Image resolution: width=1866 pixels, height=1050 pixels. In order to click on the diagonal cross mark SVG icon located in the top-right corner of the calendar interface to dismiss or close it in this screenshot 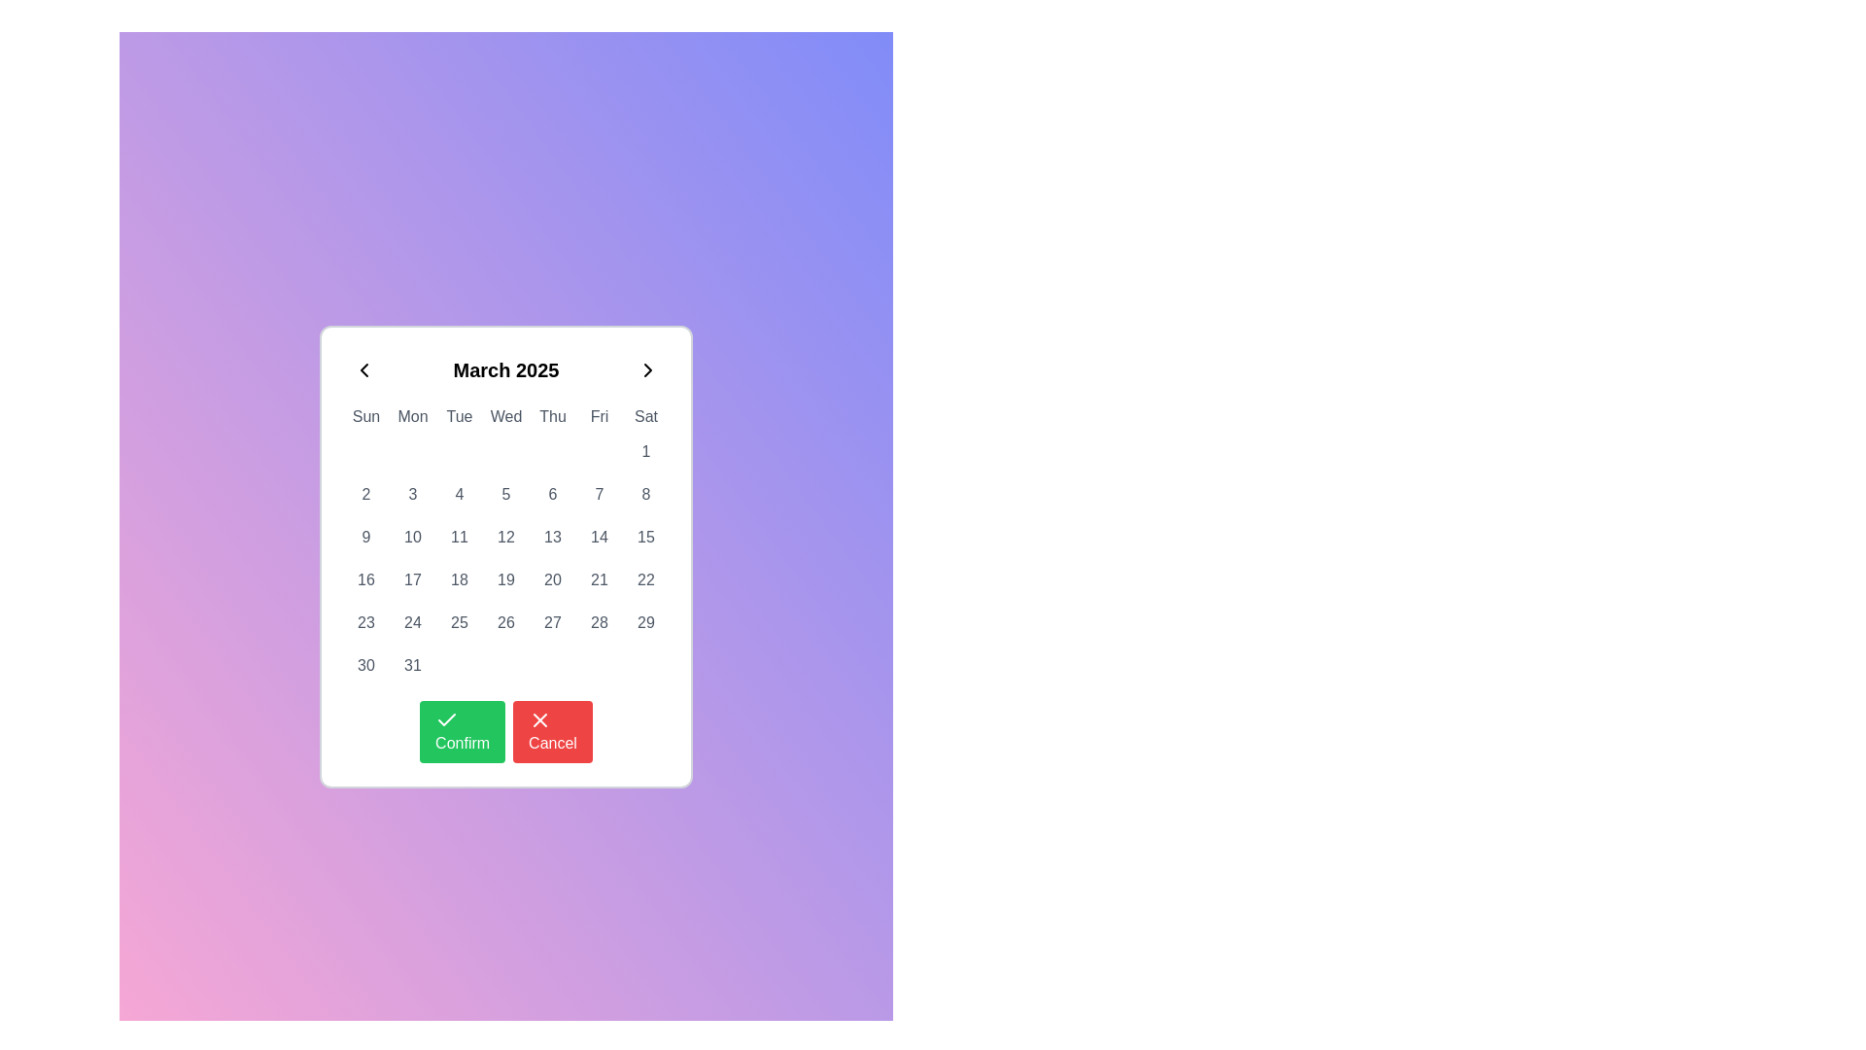, I will do `click(540, 719)`.